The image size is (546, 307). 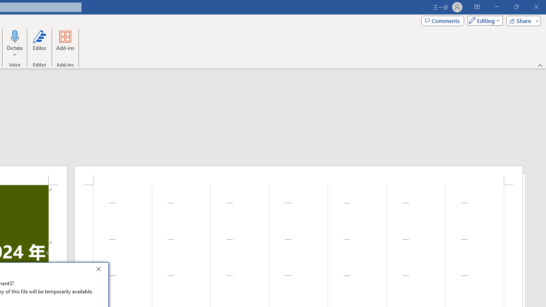 What do you see at coordinates (299, 175) in the screenshot?
I see `'Header -Section 1-'` at bounding box center [299, 175].